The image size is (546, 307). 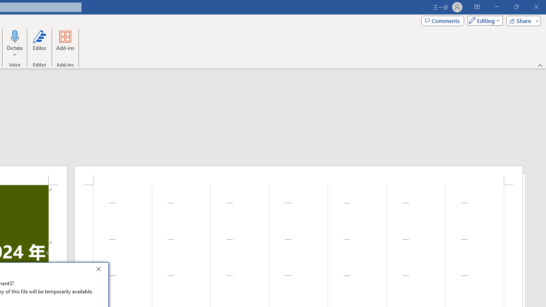 What do you see at coordinates (299, 175) in the screenshot?
I see `'Header -Section 1-'` at bounding box center [299, 175].